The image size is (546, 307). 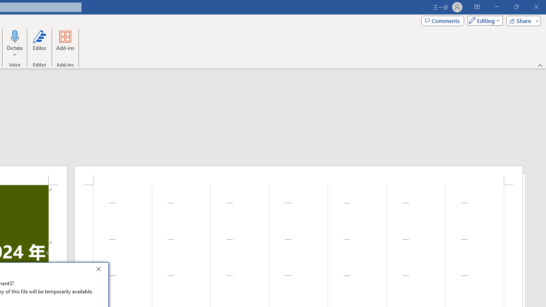 What do you see at coordinates (299, 175) in the screenshot?
I see `'Header -Section 1-'` at bounding box center [299, 175].